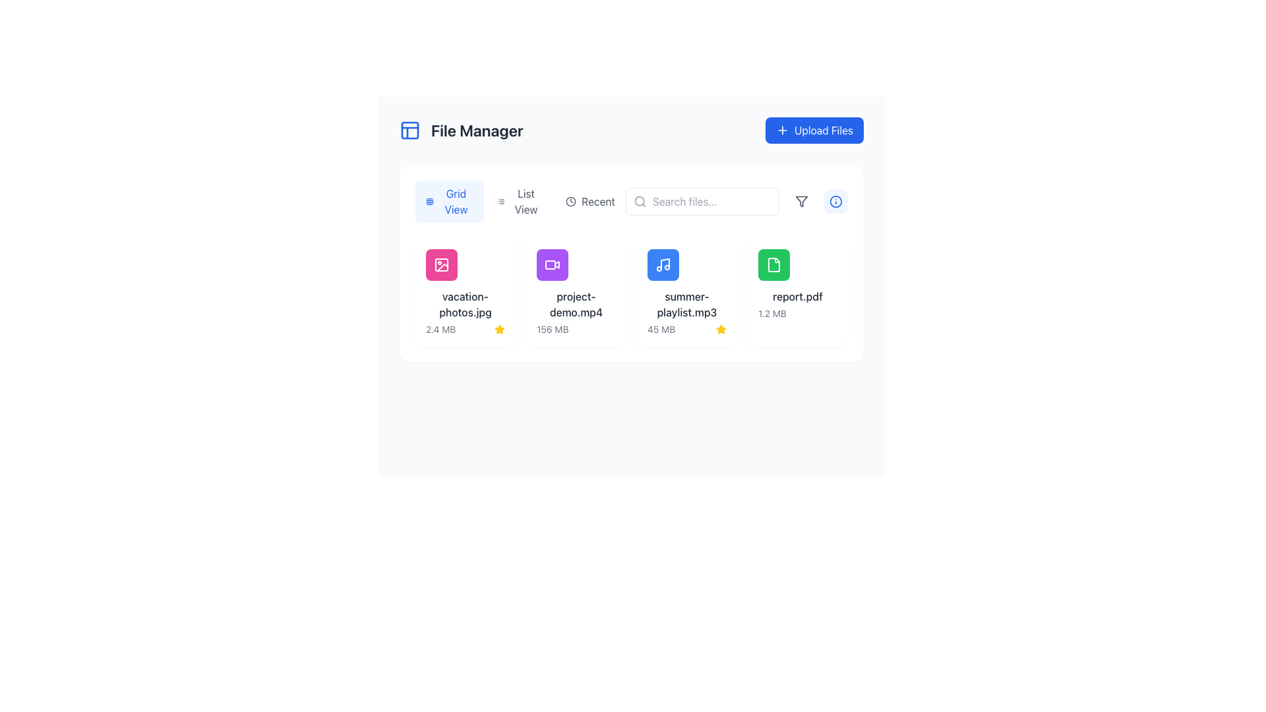 The image size is (1266, 712). Describe the element at coordinates (661, 329) in the screenshot. I see `the text label displaying '45 MB' that is styled in gray, located below the filename label 'summer-playlist.mp3' within a card-like interface` at that location.